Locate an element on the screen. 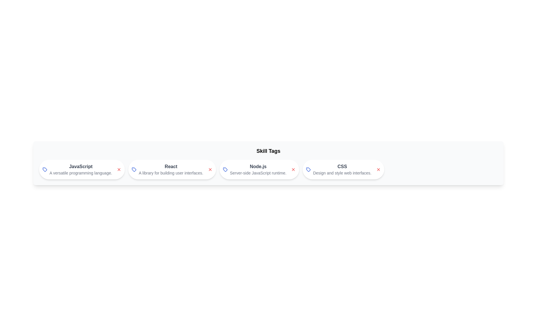  the tag icon to inspect its visual representation is located at coordinates (44, 169).